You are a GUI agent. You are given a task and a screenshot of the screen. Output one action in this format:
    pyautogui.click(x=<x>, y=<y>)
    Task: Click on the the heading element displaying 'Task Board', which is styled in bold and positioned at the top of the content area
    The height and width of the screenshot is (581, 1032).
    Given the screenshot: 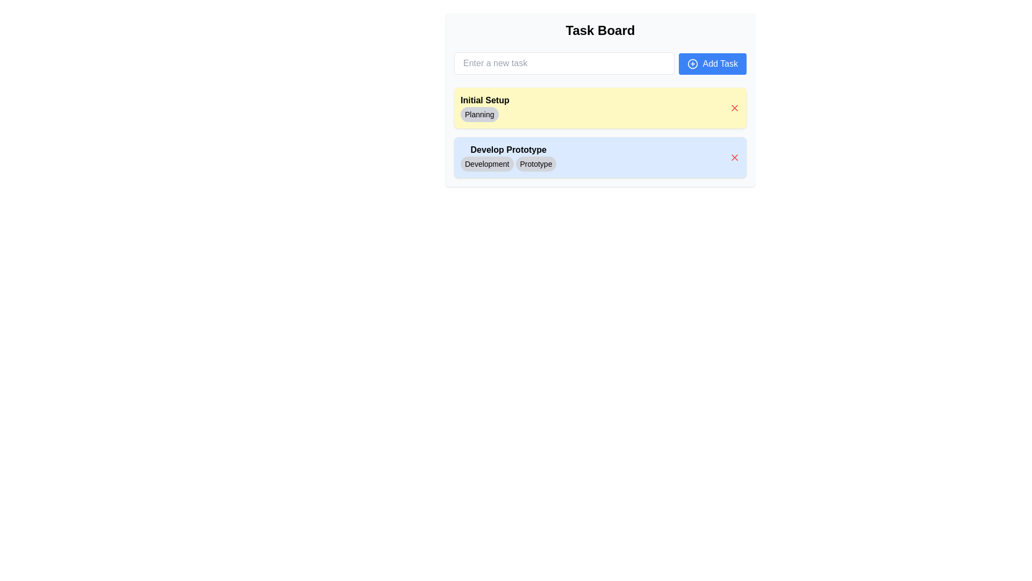 What is the action you would take?
    pyautogui.click(x=600, y=30)
    